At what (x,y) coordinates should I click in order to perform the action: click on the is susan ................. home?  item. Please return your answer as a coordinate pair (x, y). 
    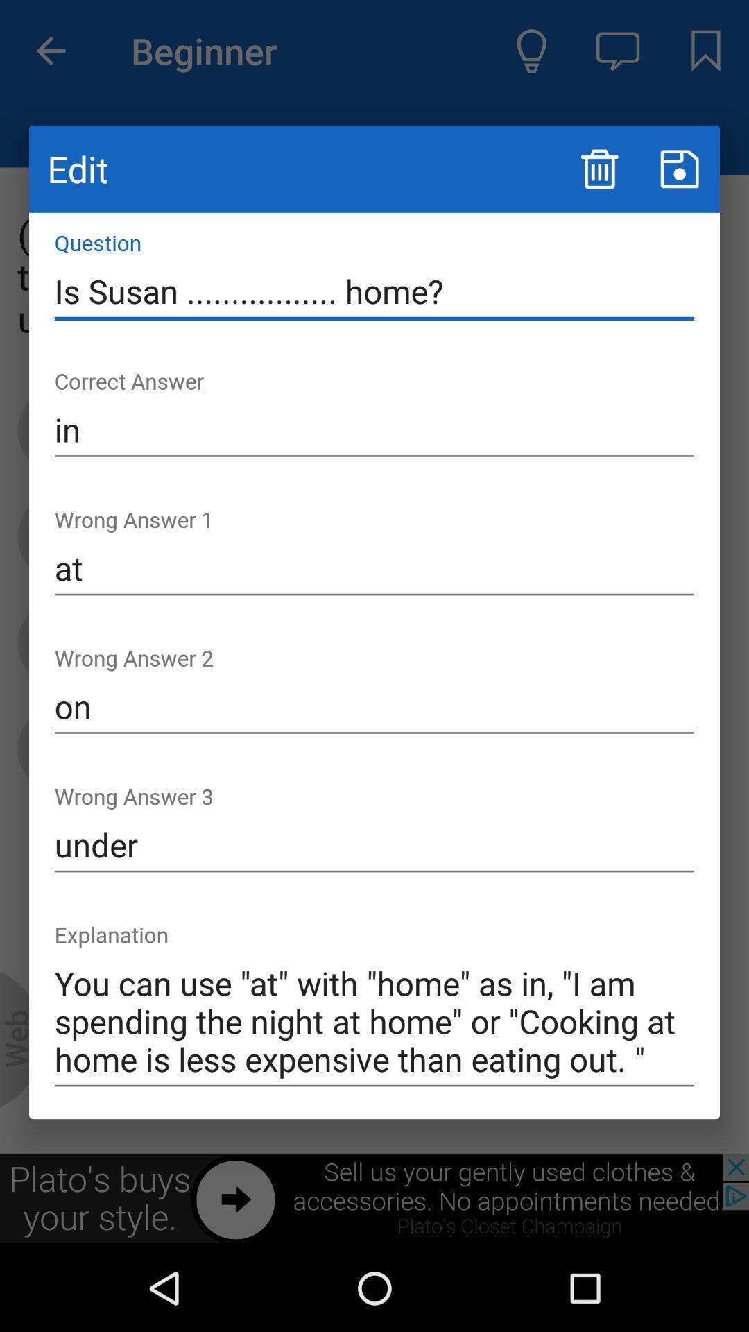
    Looking at the image, I should click on (374, 291).